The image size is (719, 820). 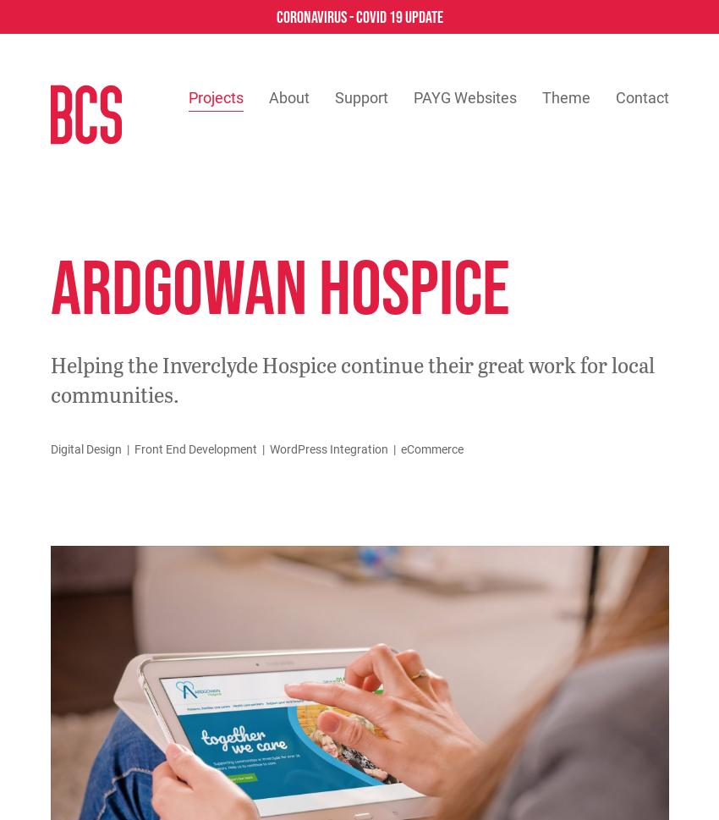 I want to click on 'Contact', so click(x=641, y=97).